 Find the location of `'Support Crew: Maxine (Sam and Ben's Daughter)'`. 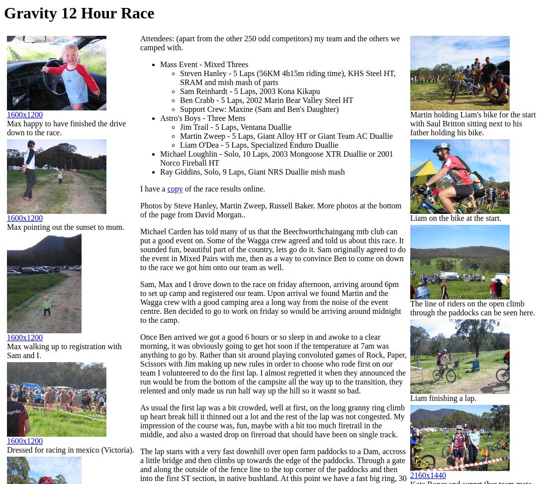

'Support Crew: Maxine (Sam and Ben's Daughter)' is located at coordinates (259, 108).